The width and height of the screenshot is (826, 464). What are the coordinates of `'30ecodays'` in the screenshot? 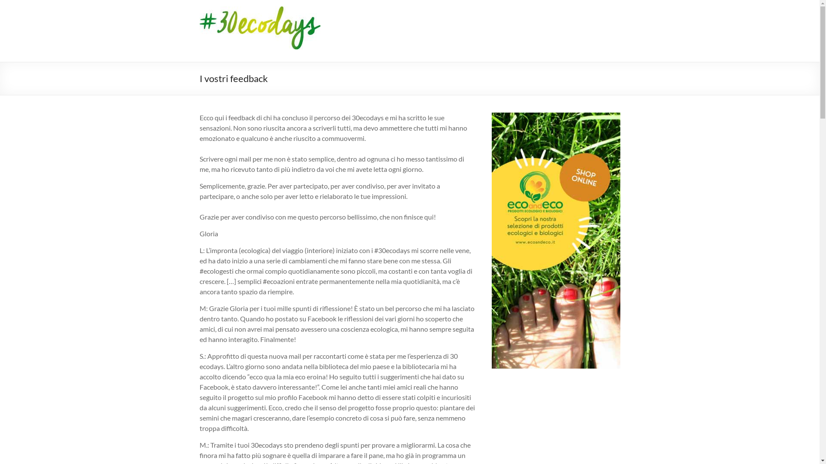 It's located at (235, 18).